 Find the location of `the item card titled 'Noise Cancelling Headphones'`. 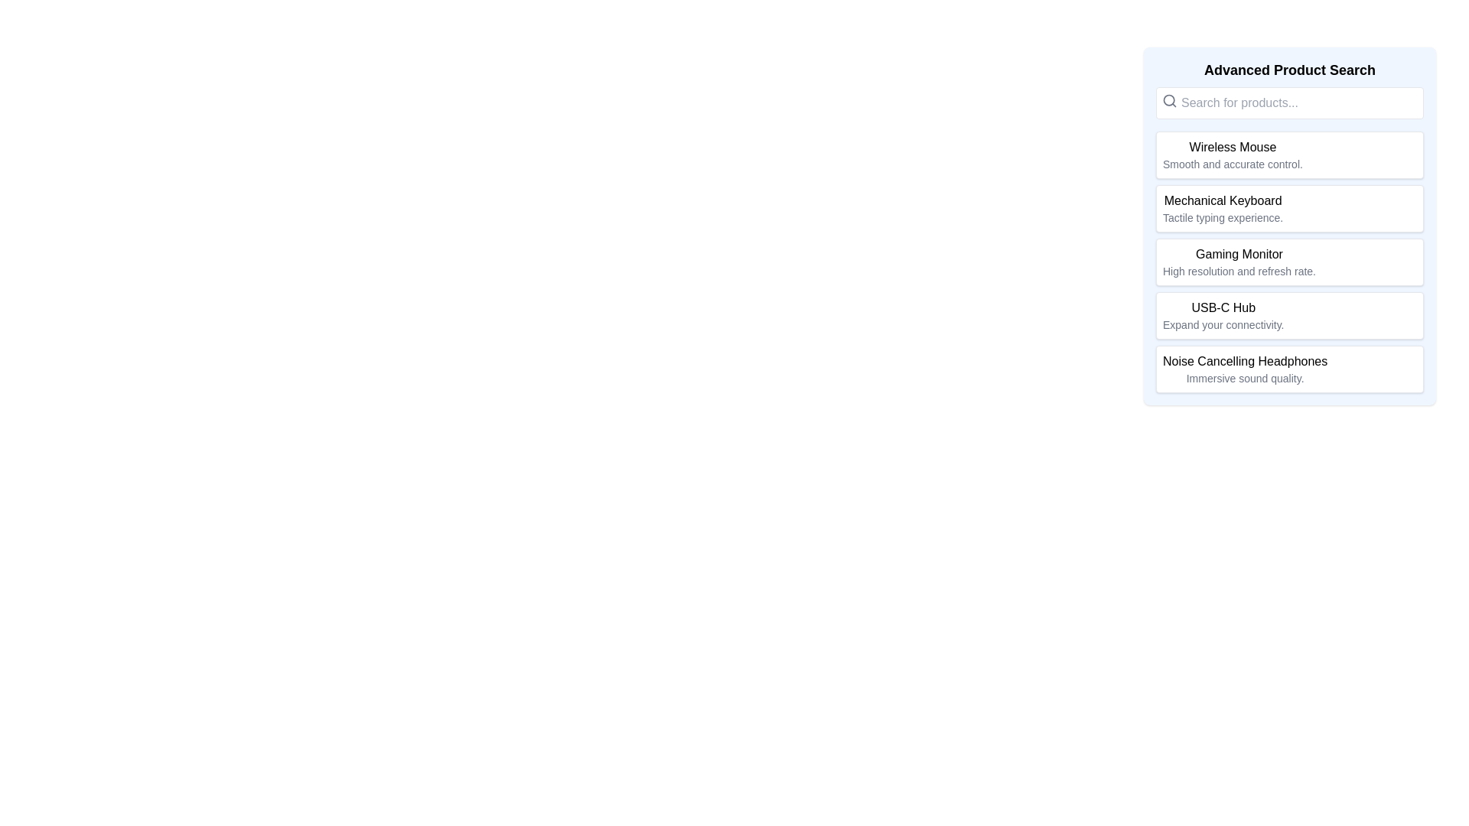

the item card titled 'Noise Cancelling Headphones' is located at coordinates (1288, 369).